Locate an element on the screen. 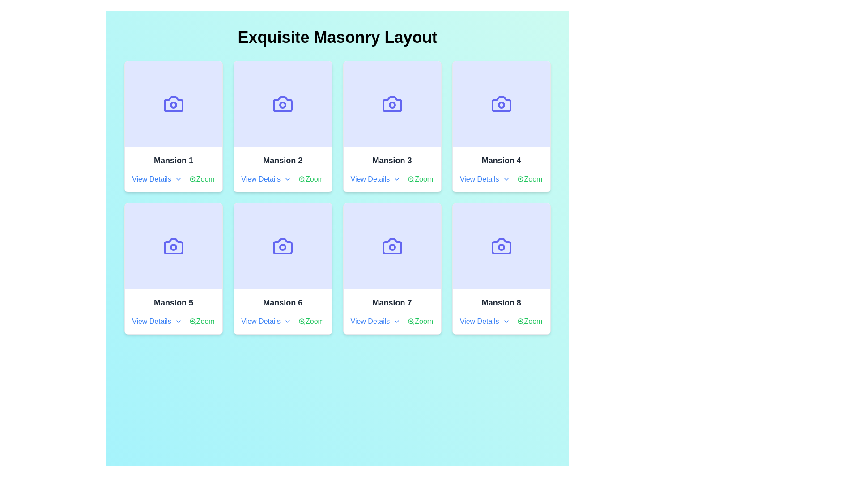  the magnifying glass icon with a plus sign inside, located next to the text 'Zoom' in the 'Mansion 7' card is located at coordinates (411, 321).